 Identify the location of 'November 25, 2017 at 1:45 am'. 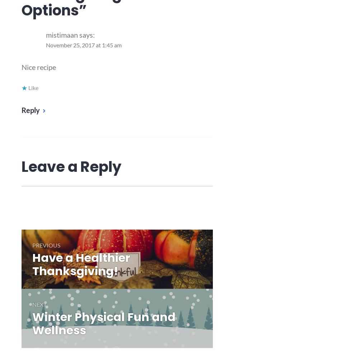
(83, 45).